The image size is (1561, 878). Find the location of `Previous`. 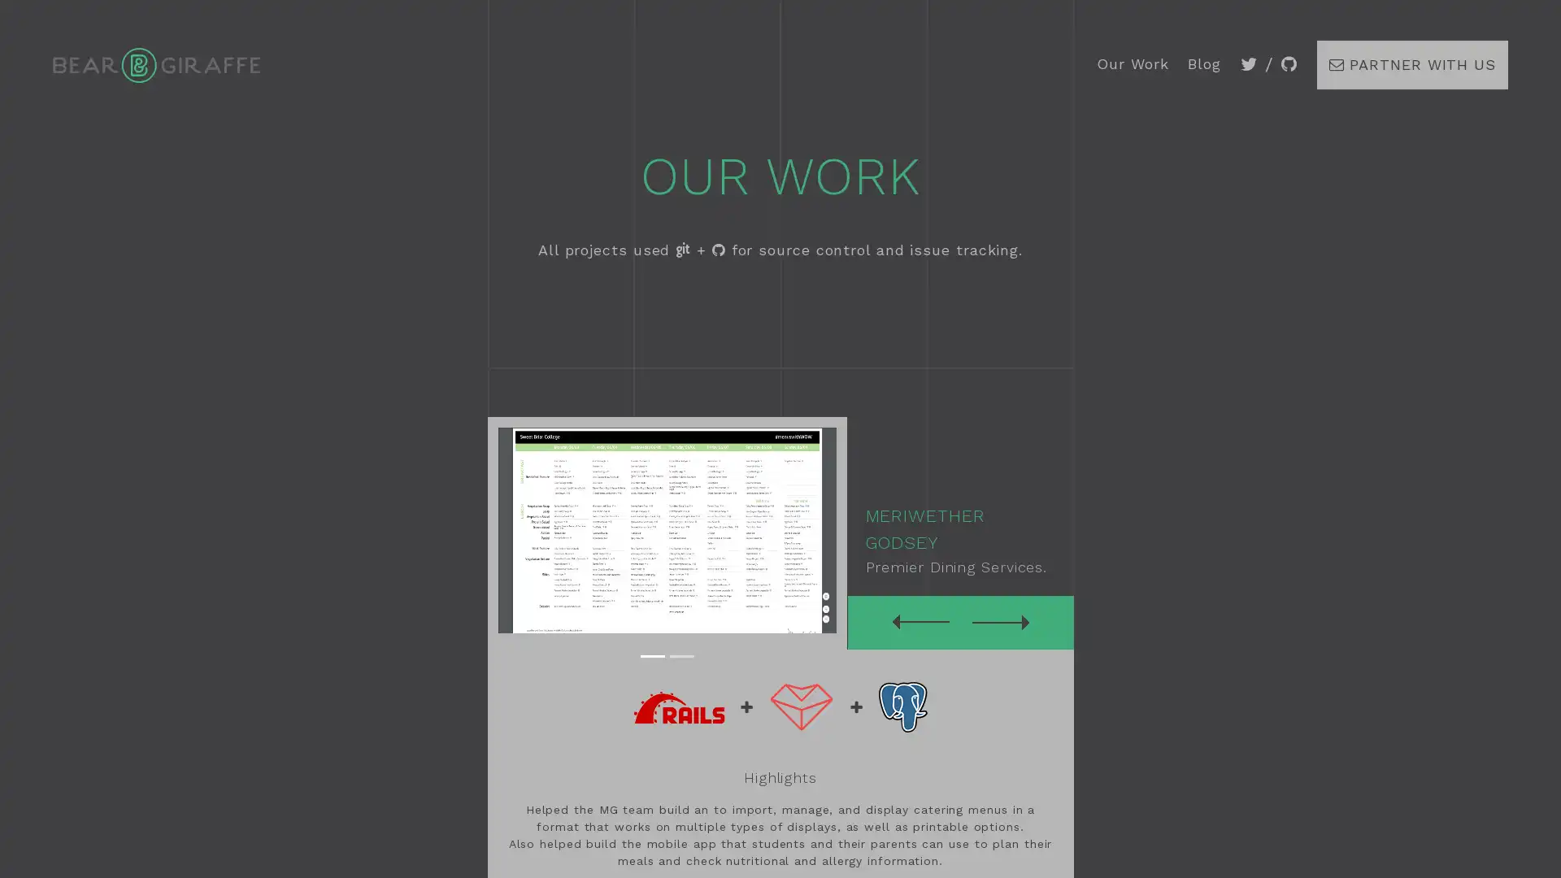

Previous is located at coordinates (902, 621).